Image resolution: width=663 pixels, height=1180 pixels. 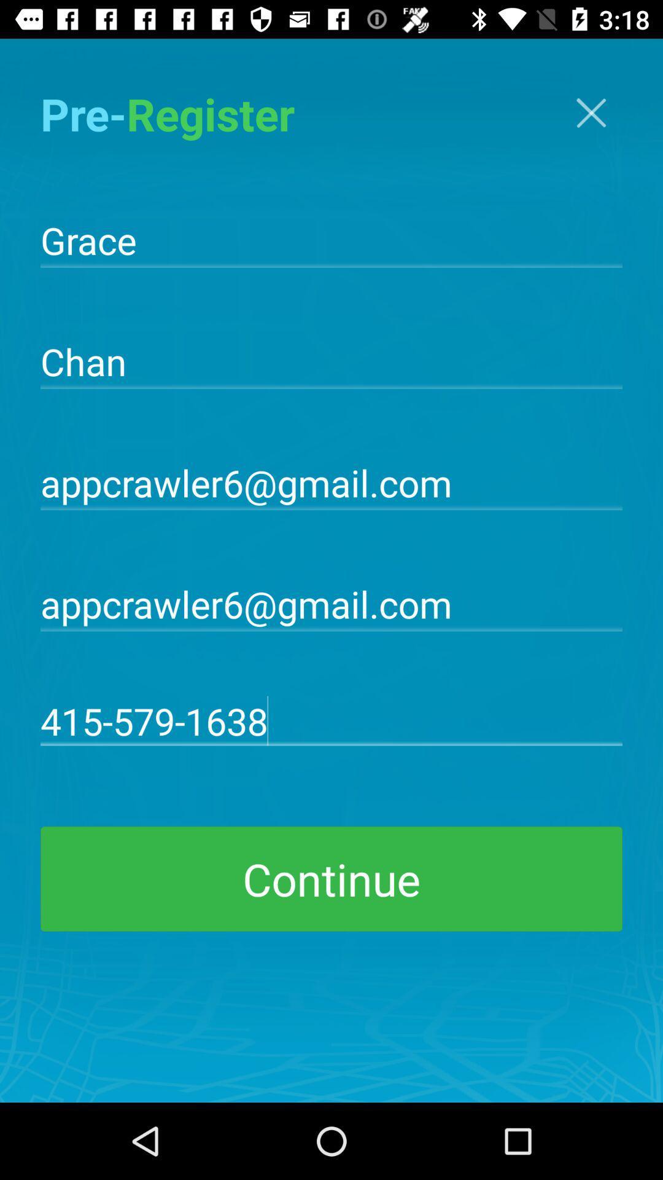 What do you see at coordinates (331, 239) in the screenshot?
I see `grace item` at bounding box center [331, 239].